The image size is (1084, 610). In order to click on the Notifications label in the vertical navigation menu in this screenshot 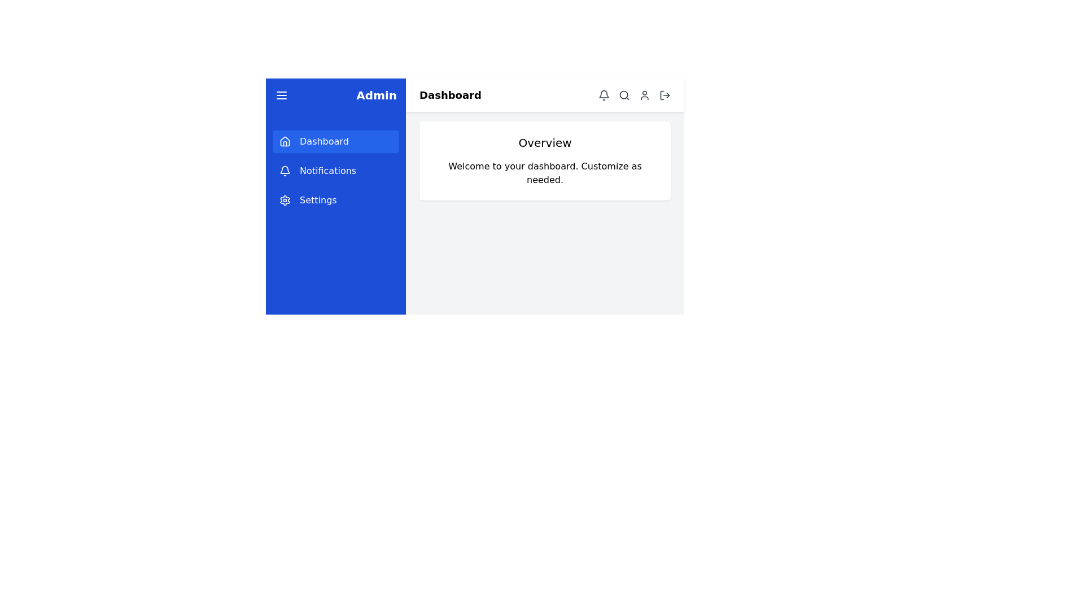, I will do `click(335, 171)`.